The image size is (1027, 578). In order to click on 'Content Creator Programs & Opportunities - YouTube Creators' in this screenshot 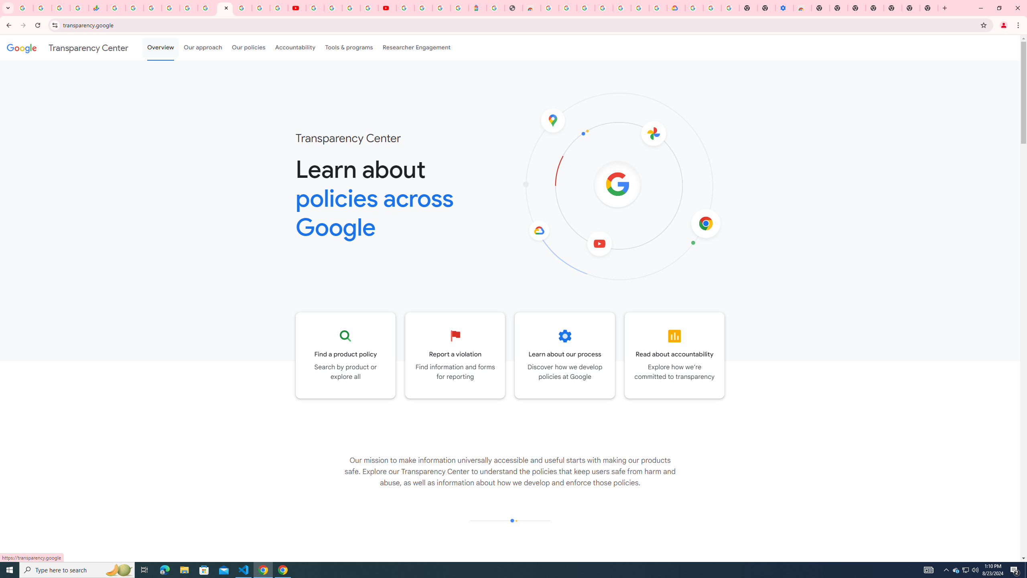, I will do `click(387, 8)`.